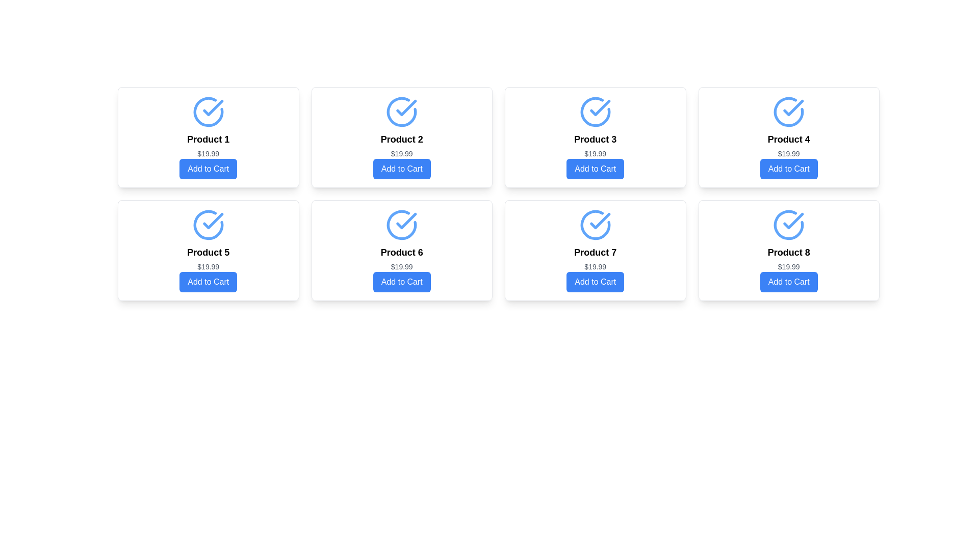 This screenshot has width=979, height=550. I want to click on the card displaying 'Product 7' with a price of '$19.99' and an 'Add to Cart' button at the bottom, located in the second row and third column of the grid layout, so click(595, 251).